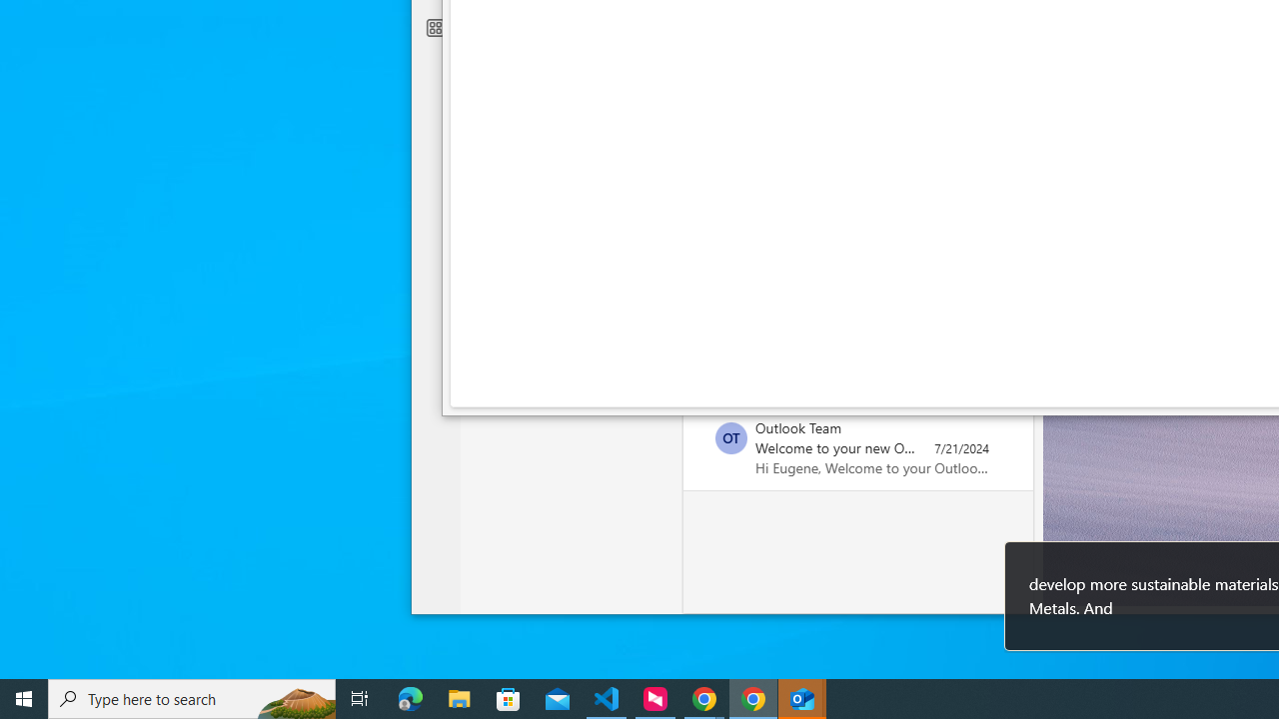  What do you see at coordinates (509, 697) in the screenshot?
I see `'Microsoft Store'` at bounding box center [509, 697].